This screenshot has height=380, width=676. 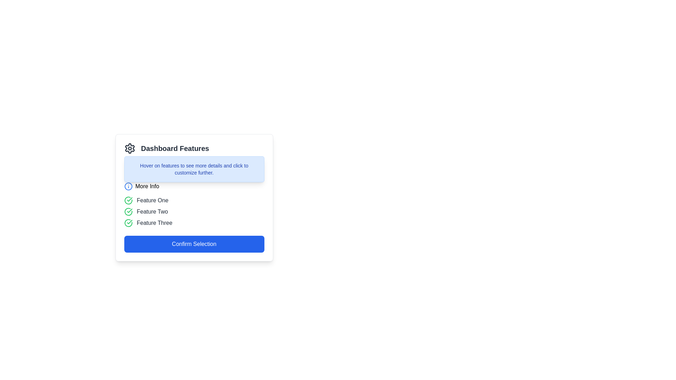 I want to click on the visual indicator icon located to the left of the text 'Feature Two', so click(x=128, y=211).